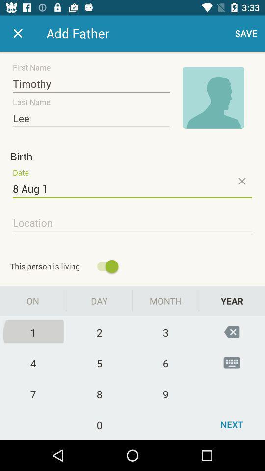 Image resolution: width=265 pixels, height=471 pixels. What do you see at coordinates (213, 98) in the screenshot?
I see `picture profile` at bounding box center [213, 98].